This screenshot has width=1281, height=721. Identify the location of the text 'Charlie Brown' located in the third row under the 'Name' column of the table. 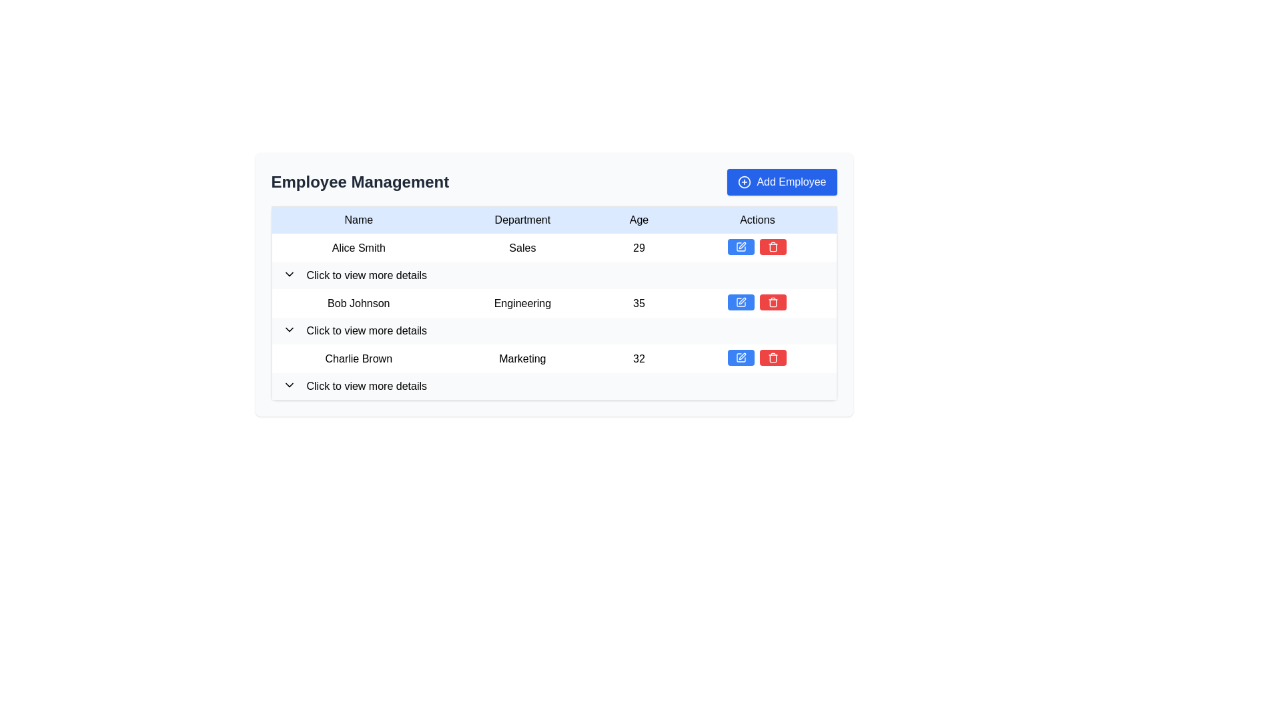
(358, 358).